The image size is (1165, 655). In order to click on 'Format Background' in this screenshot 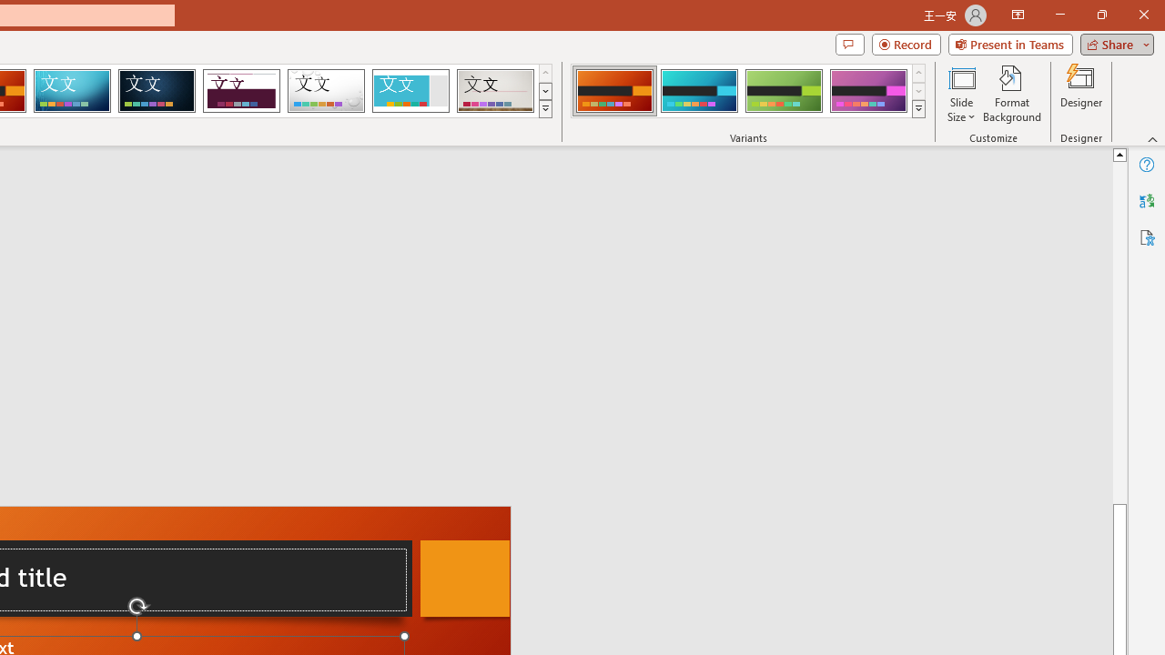, I will do `click(1011, 94)`.